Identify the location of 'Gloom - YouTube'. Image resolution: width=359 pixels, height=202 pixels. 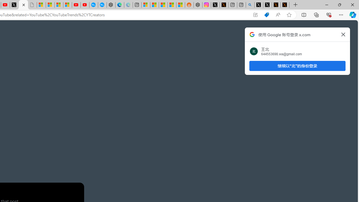
(76, 5).